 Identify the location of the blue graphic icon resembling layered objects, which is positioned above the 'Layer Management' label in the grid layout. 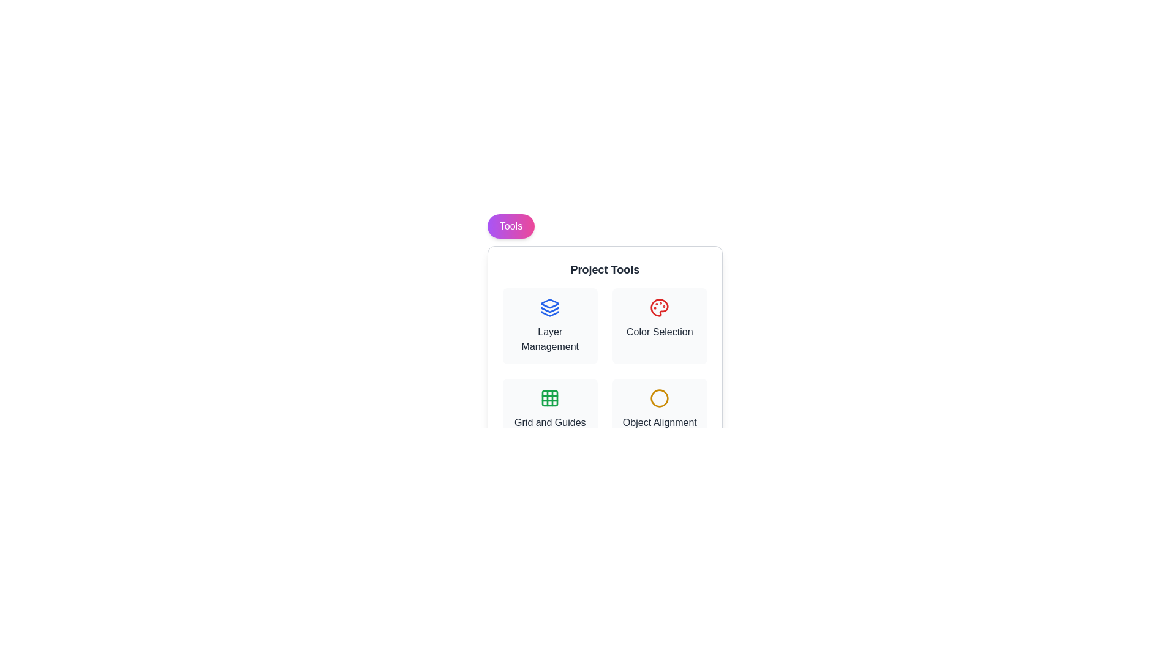
(549, 307).